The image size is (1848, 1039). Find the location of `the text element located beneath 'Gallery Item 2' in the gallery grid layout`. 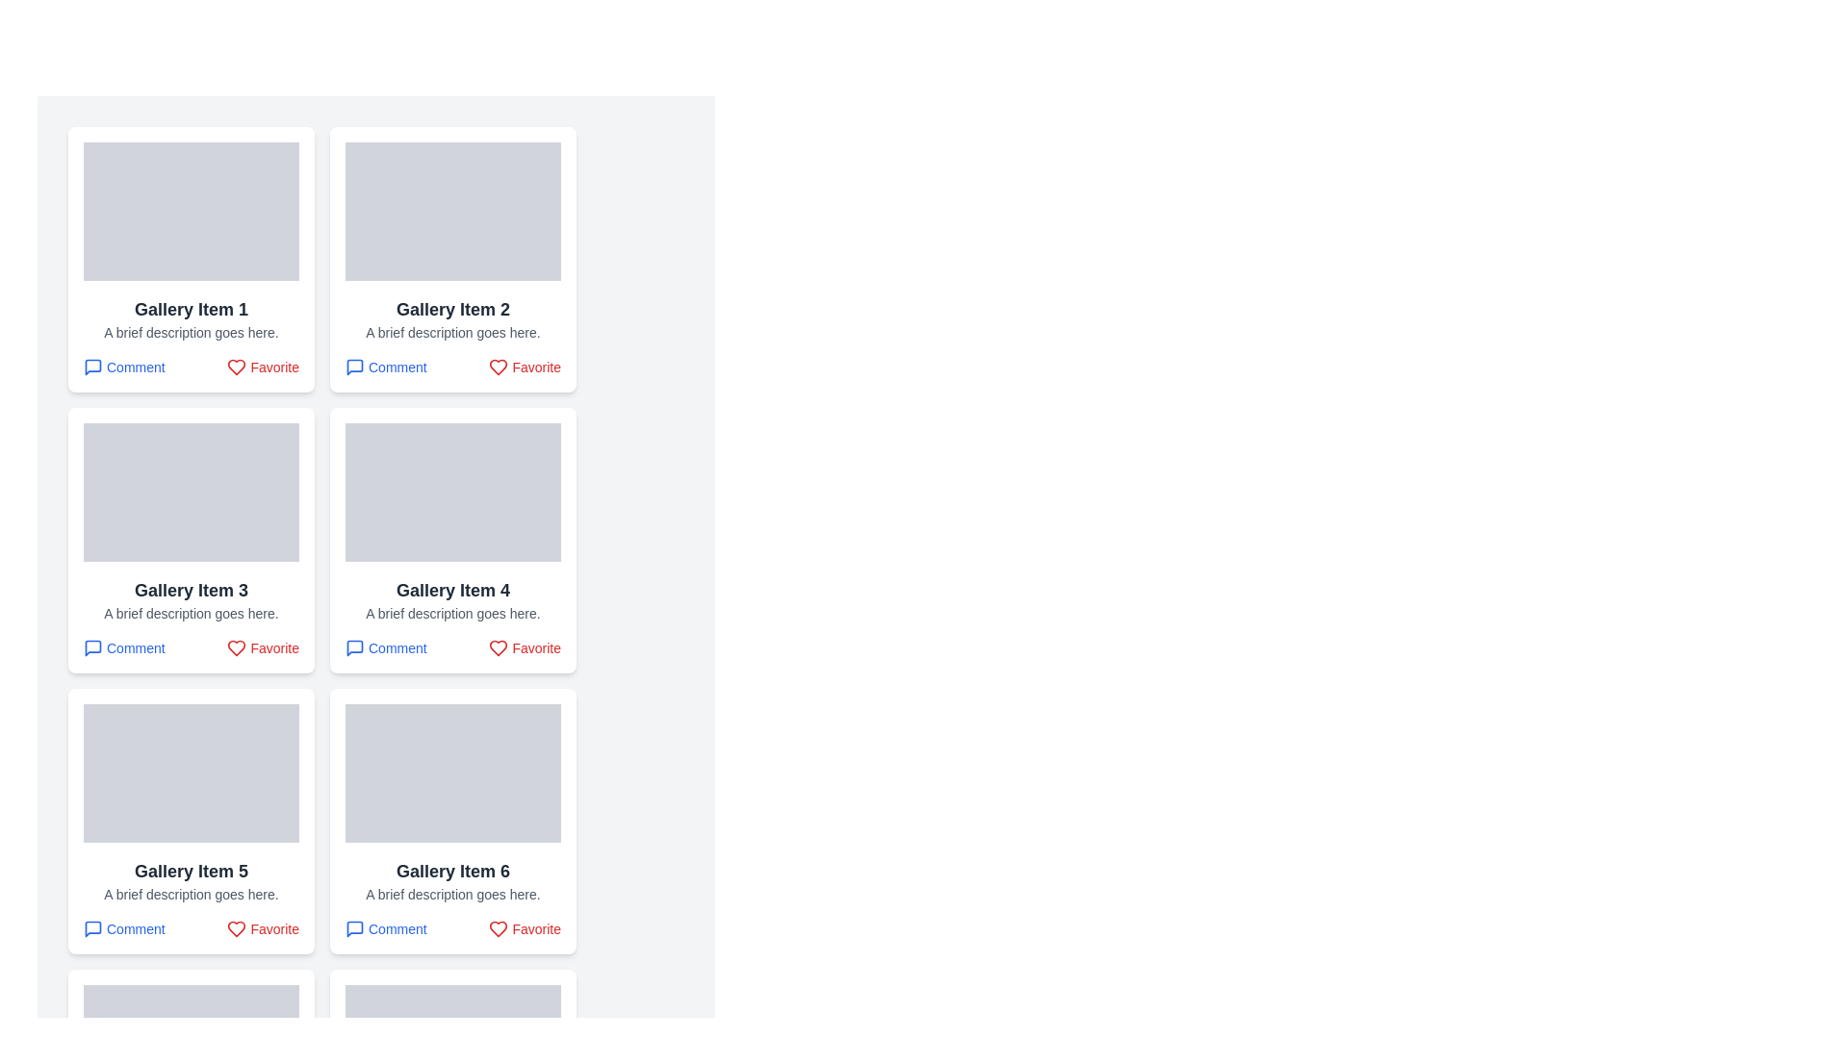

the text element located beneath 'Gallery Item 2' in the gallery grid layout is located at coordinates (451, 332).